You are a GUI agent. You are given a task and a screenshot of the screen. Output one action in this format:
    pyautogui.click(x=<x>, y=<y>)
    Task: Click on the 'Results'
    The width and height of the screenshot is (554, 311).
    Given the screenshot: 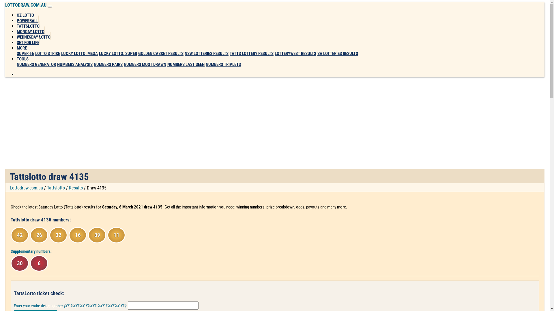 What is the action you would take?
    pyautogui.click(x=76, y=188)
    